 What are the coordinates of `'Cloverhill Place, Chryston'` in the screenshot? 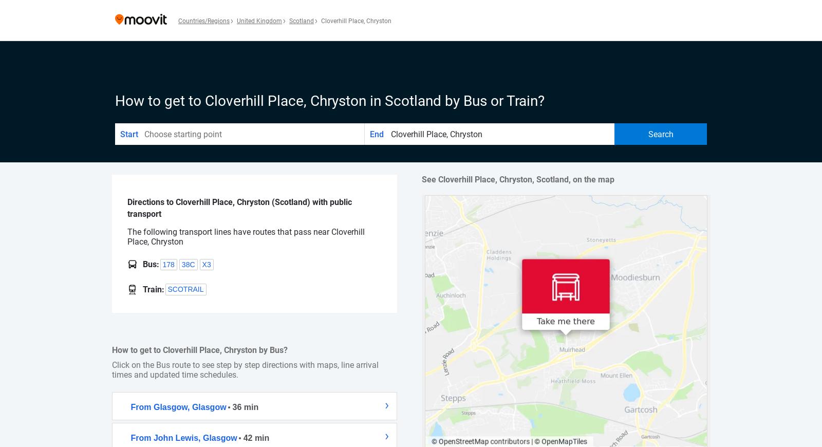 It's located at (321, 20).